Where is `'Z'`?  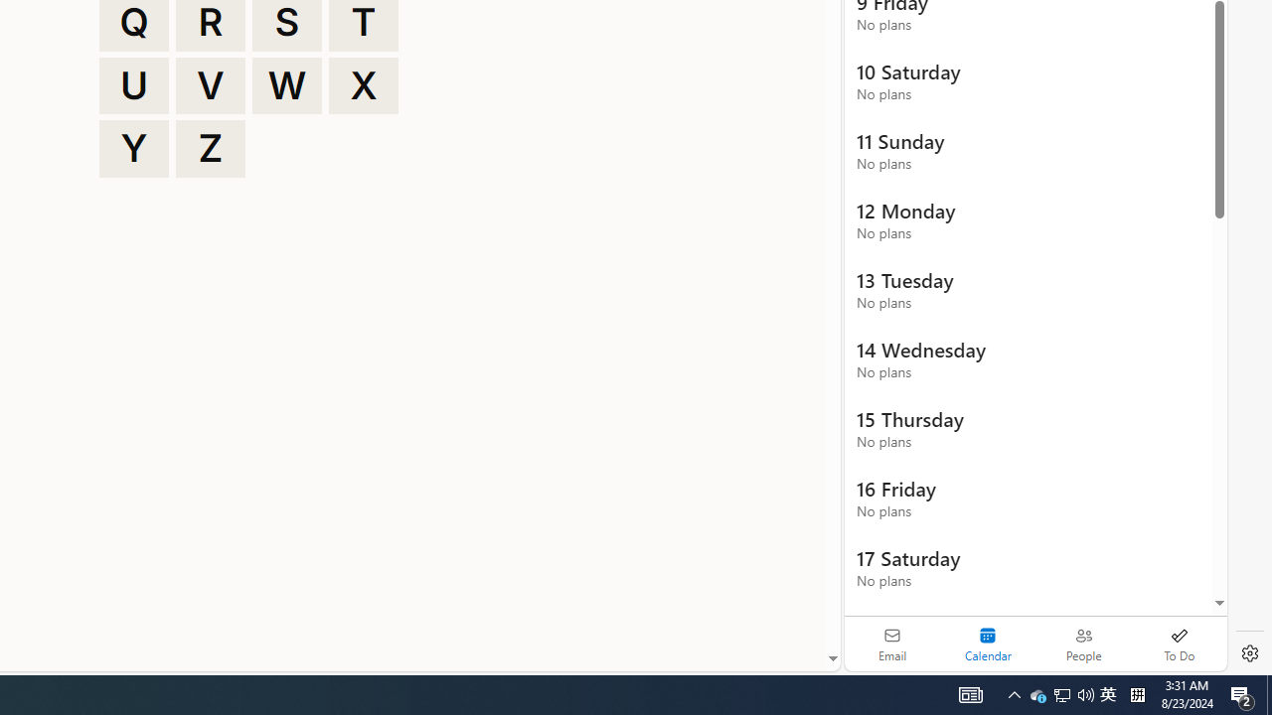 'Z' is located at coordinates (211, 148).